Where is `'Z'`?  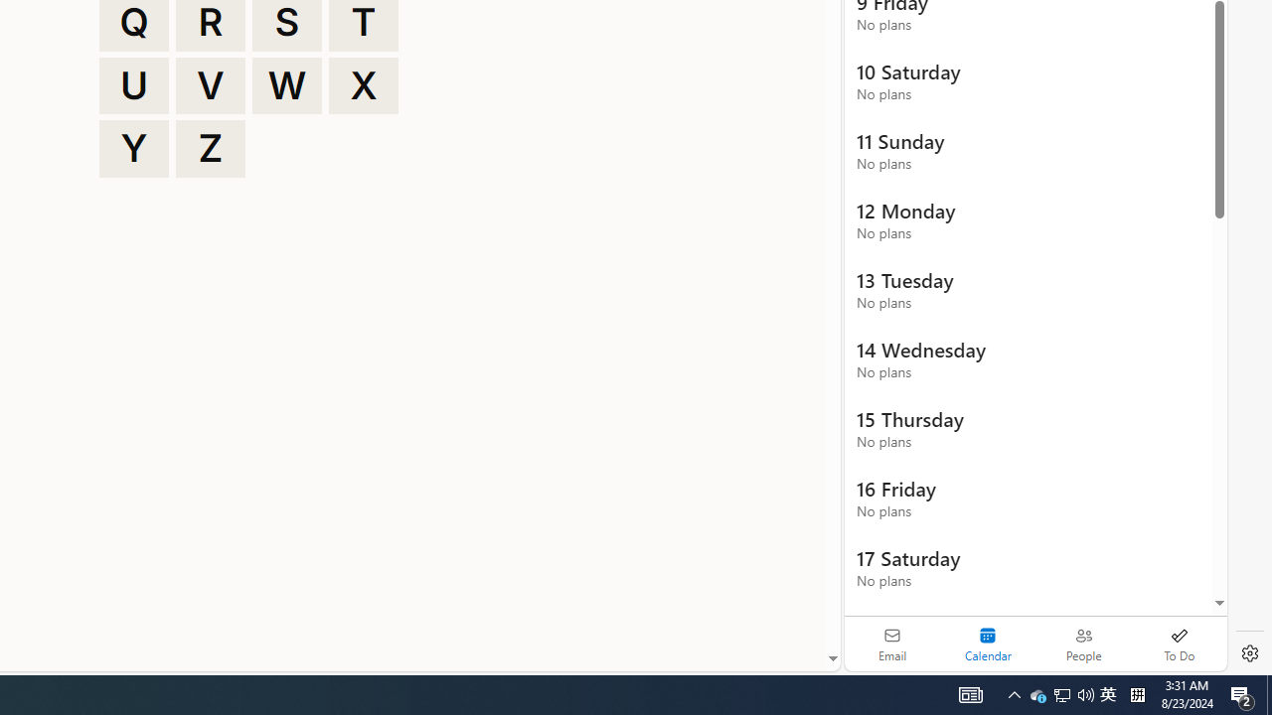 'Z' is located at coordinates (211, 148).